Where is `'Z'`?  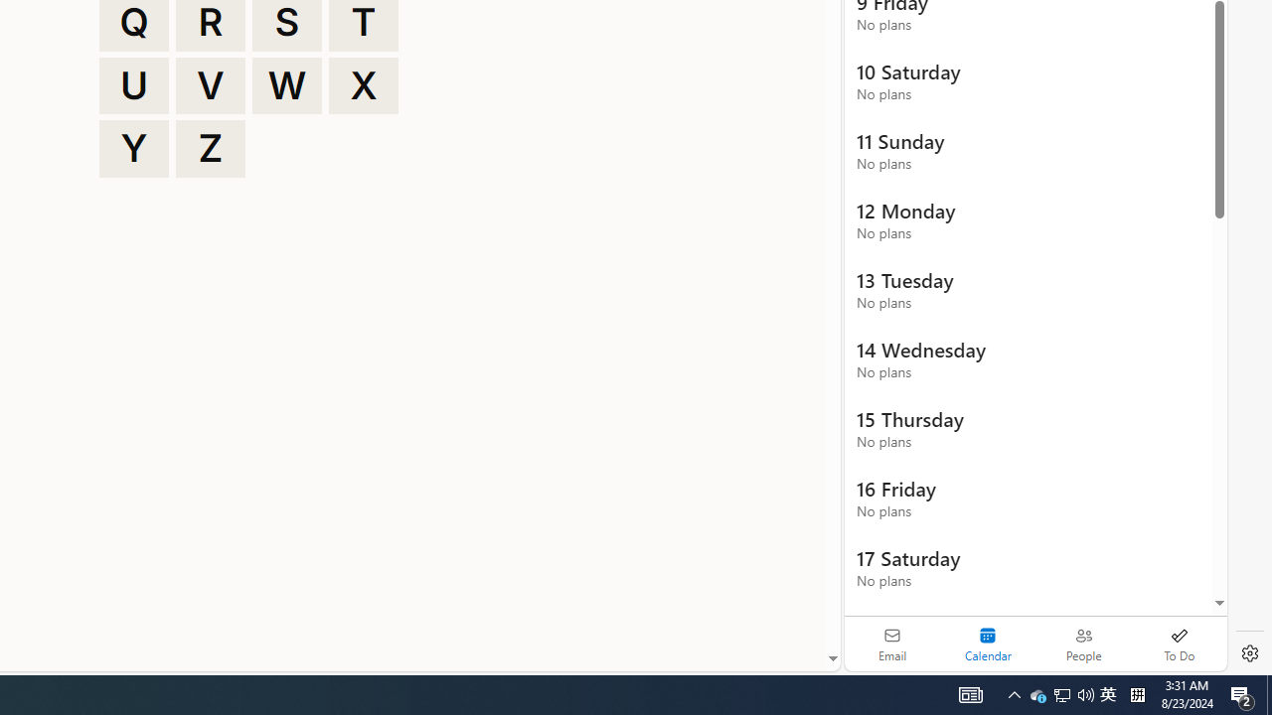 'Z' is located at coordinates (211, 148).